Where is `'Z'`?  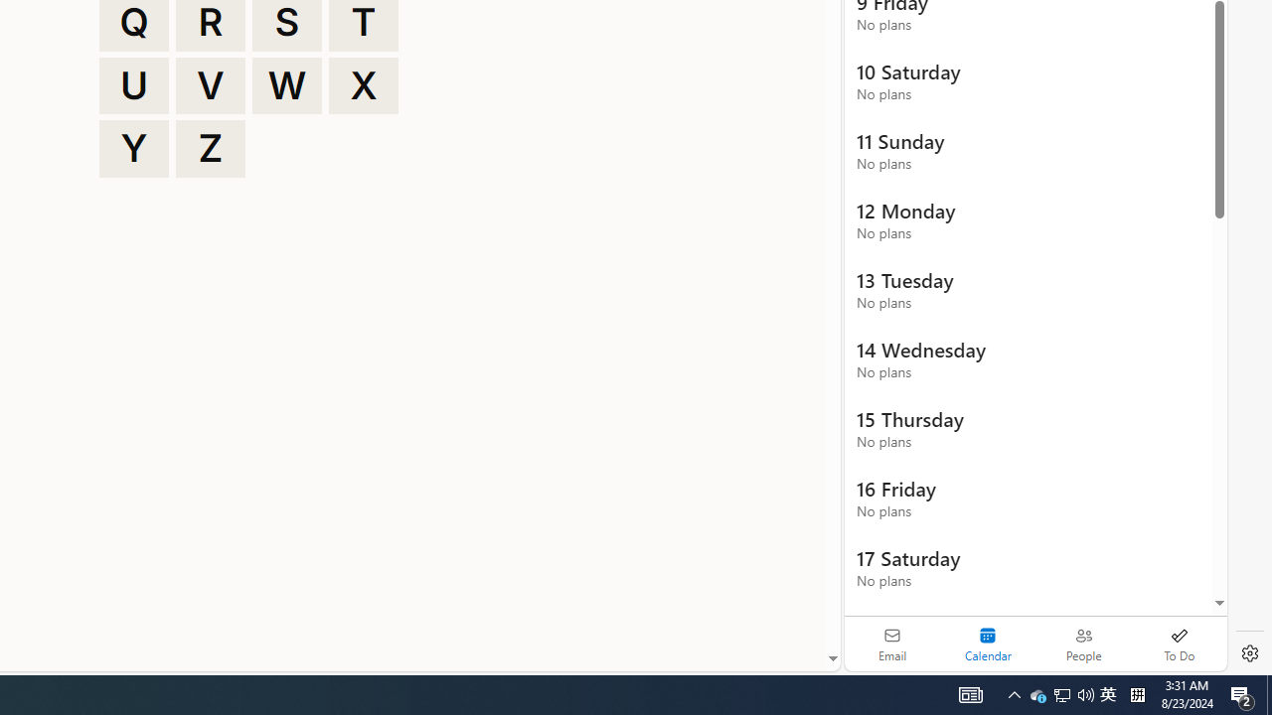 'Z' is located at coordinates (211, 148).